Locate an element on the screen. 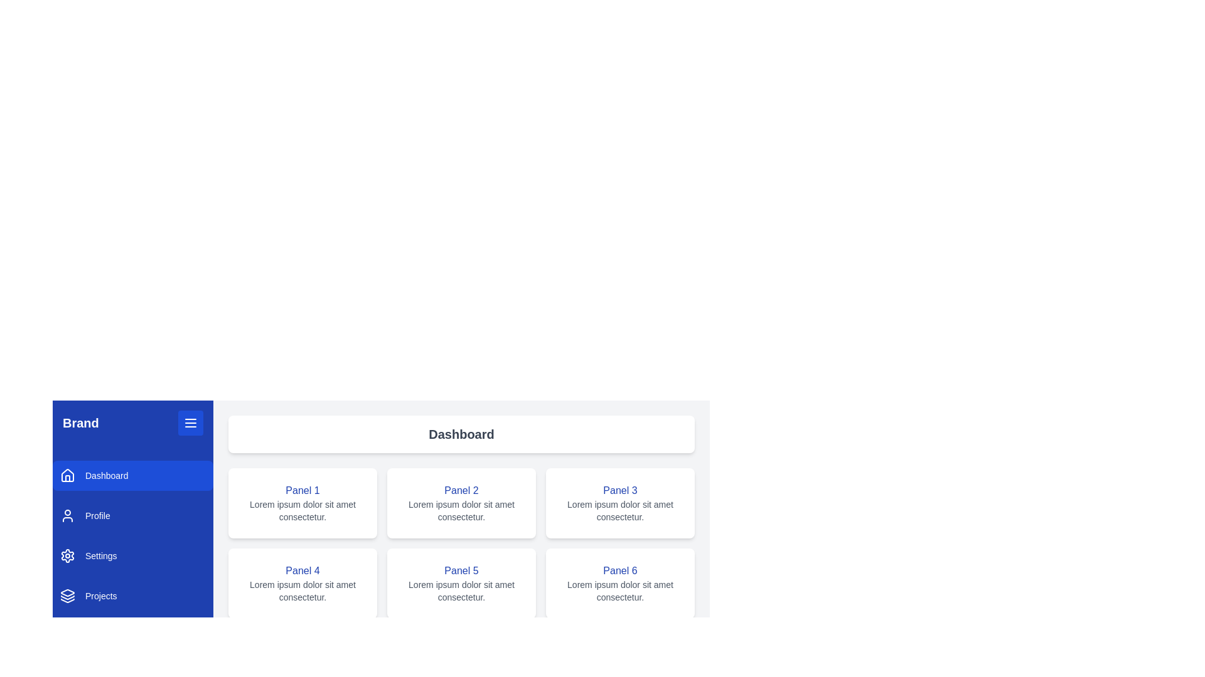 This screenshot has height=677, width=1205. the sixth panel located in the bottom-right corner of the grid layout, which is directly to the right of 'Panel 5' is located at coordinates (620, 583).